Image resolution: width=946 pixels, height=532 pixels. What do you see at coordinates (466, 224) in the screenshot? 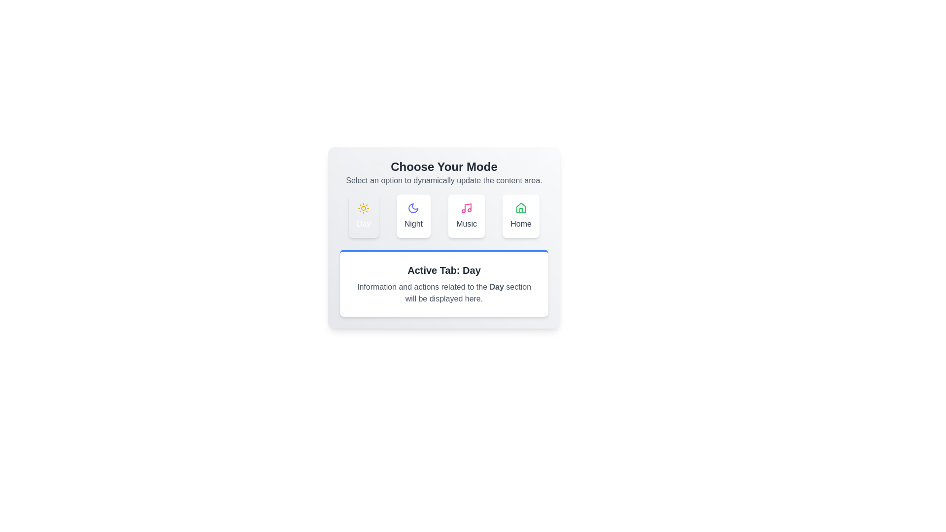
I see `the static text label that indicates the 'Music' mode option, positioned at the center-right of the interface, below the musical note icon` at bounding box center [466, 224].